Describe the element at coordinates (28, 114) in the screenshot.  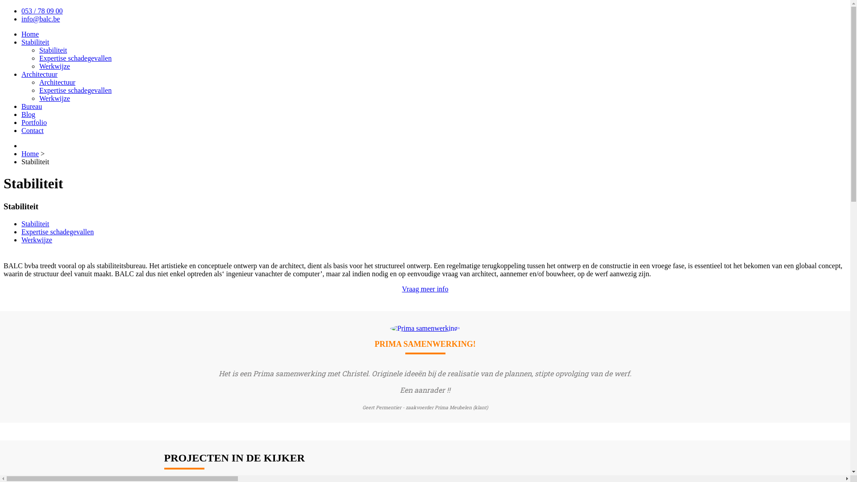
I see `'Blog'` at that location.